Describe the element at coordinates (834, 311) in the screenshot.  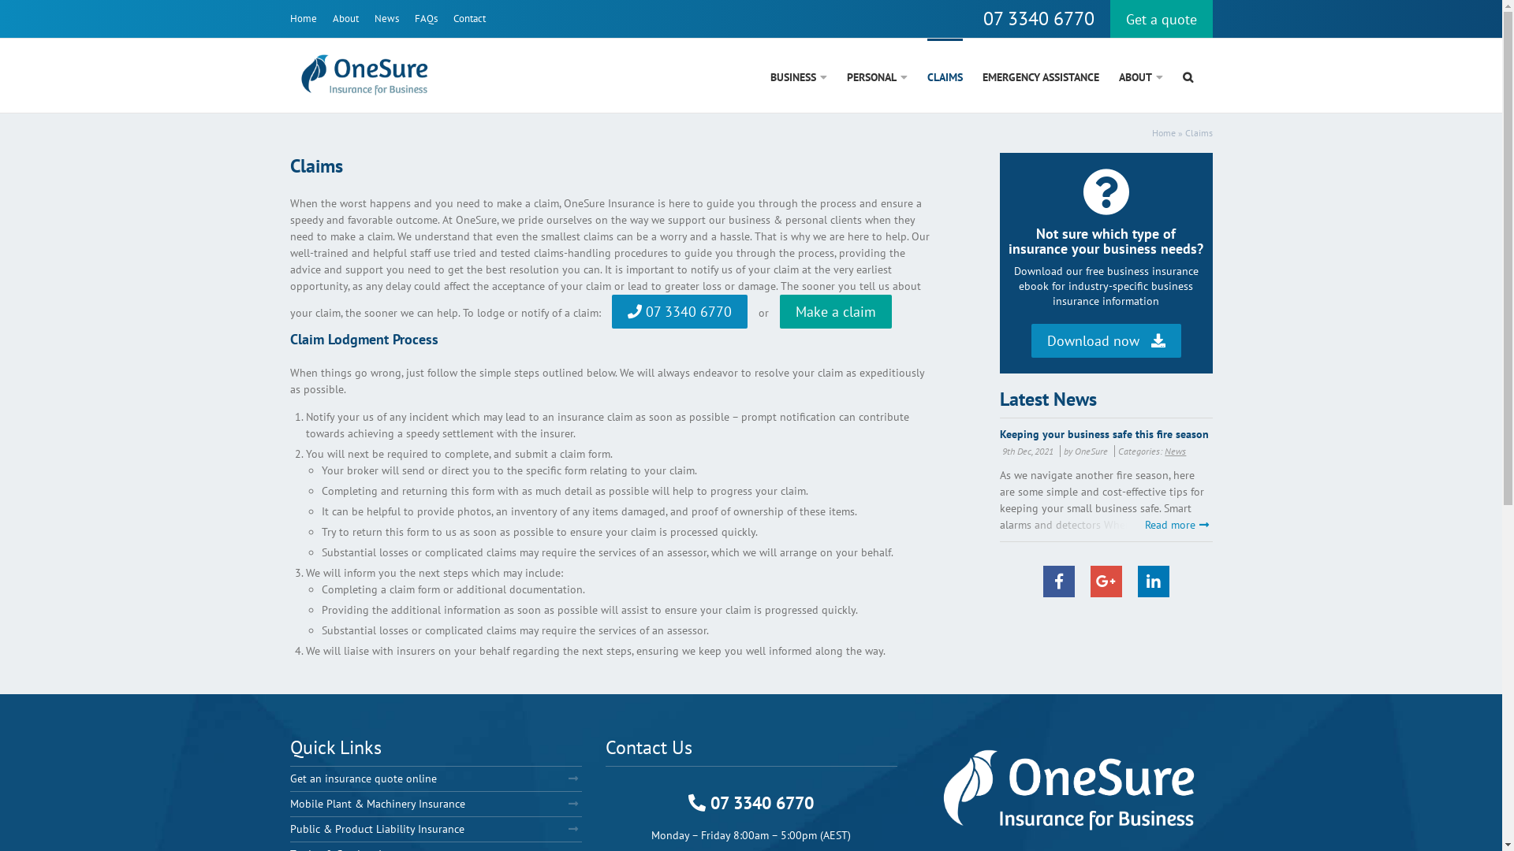
I see `'Make a claim'` at that location.